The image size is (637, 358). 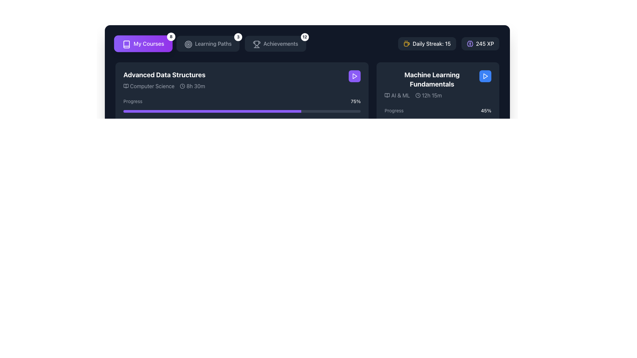 What do you see at coordinates (126, 43) in the screenshot?
I see `the small square book icon with a white outline on a purple background located to the left of the text 'My Courses' in the navigation bar` at bounding box center [126, 43].